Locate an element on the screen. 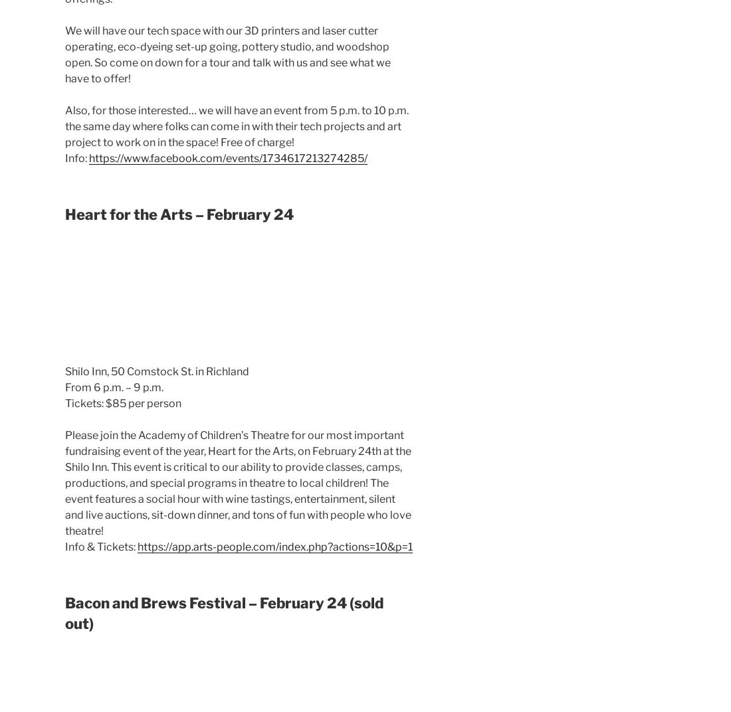  'From 6 p.m. – 9 p.m.' is located at coordinates (114, 387).